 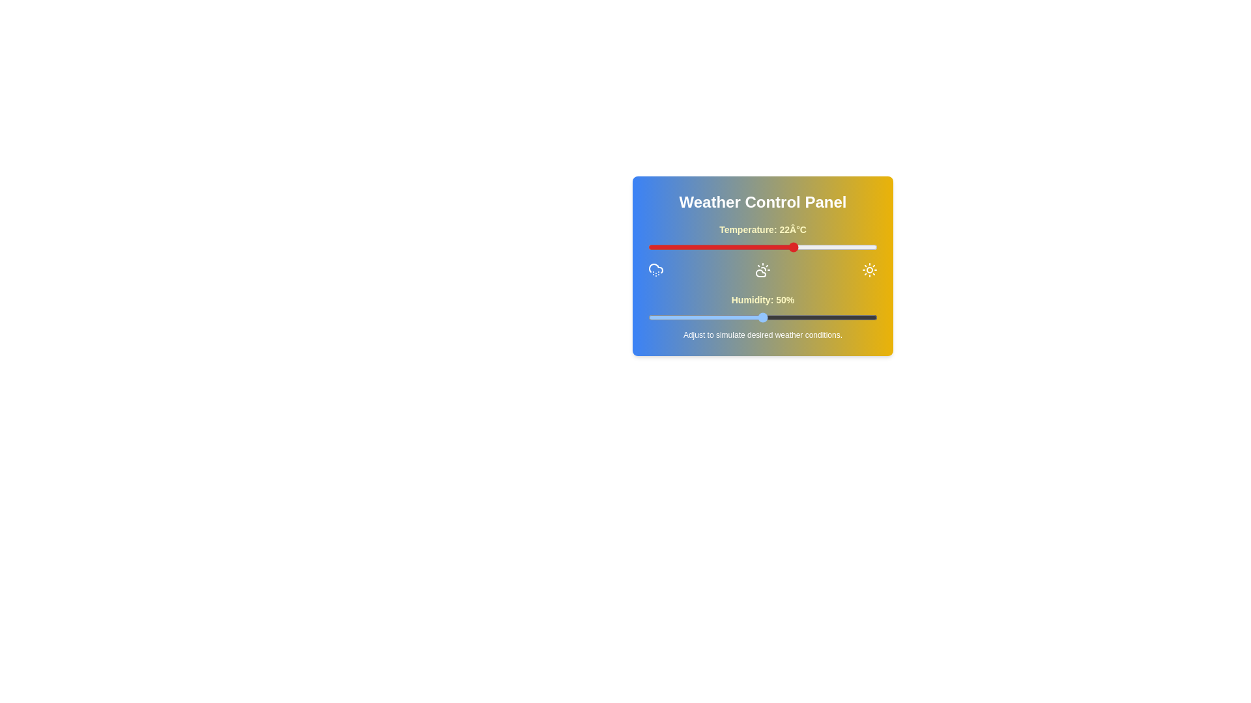 I want to click on the humidity, so click(x=659, y=318).